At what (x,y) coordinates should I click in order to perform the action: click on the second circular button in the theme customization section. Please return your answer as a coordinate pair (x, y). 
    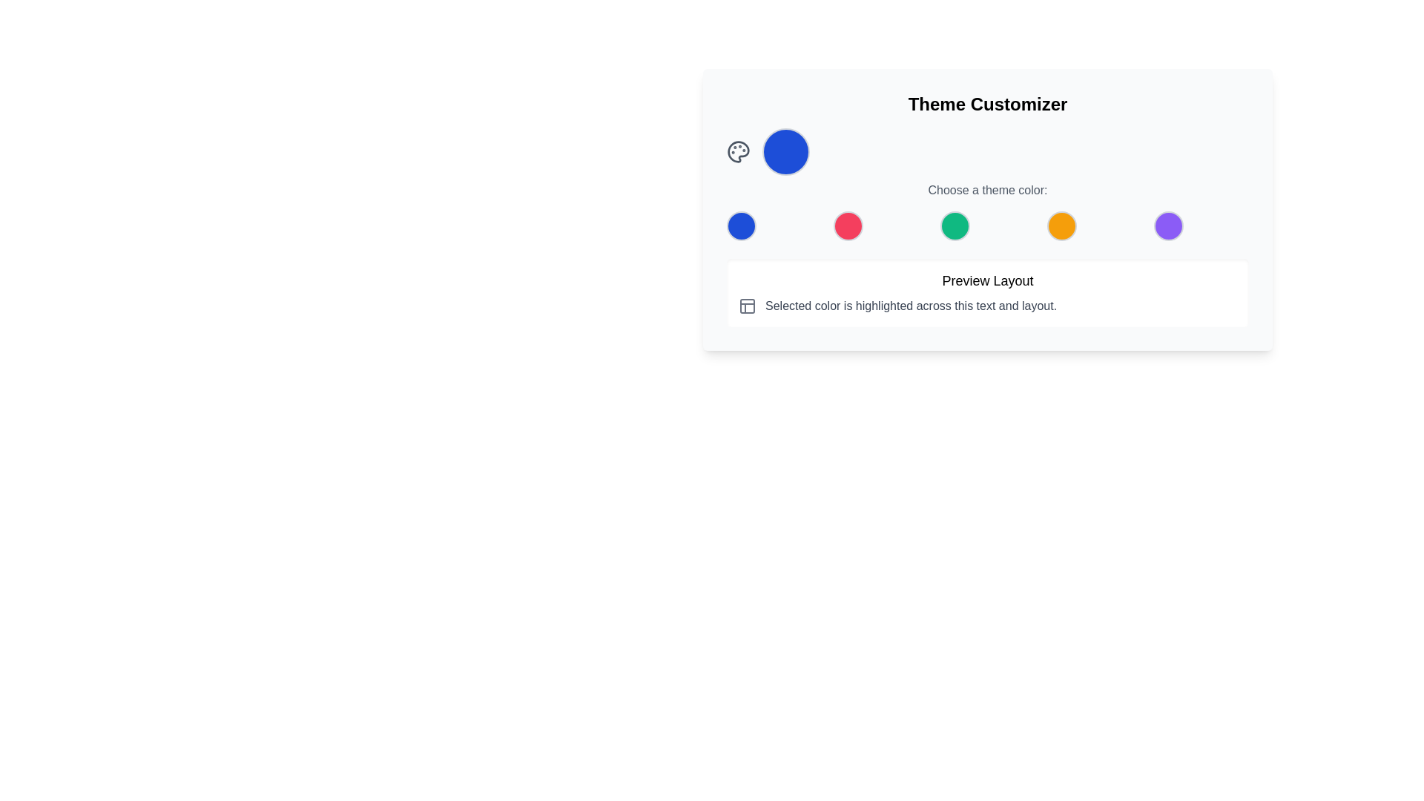
    Looking at the image, I should click on (848, 225).